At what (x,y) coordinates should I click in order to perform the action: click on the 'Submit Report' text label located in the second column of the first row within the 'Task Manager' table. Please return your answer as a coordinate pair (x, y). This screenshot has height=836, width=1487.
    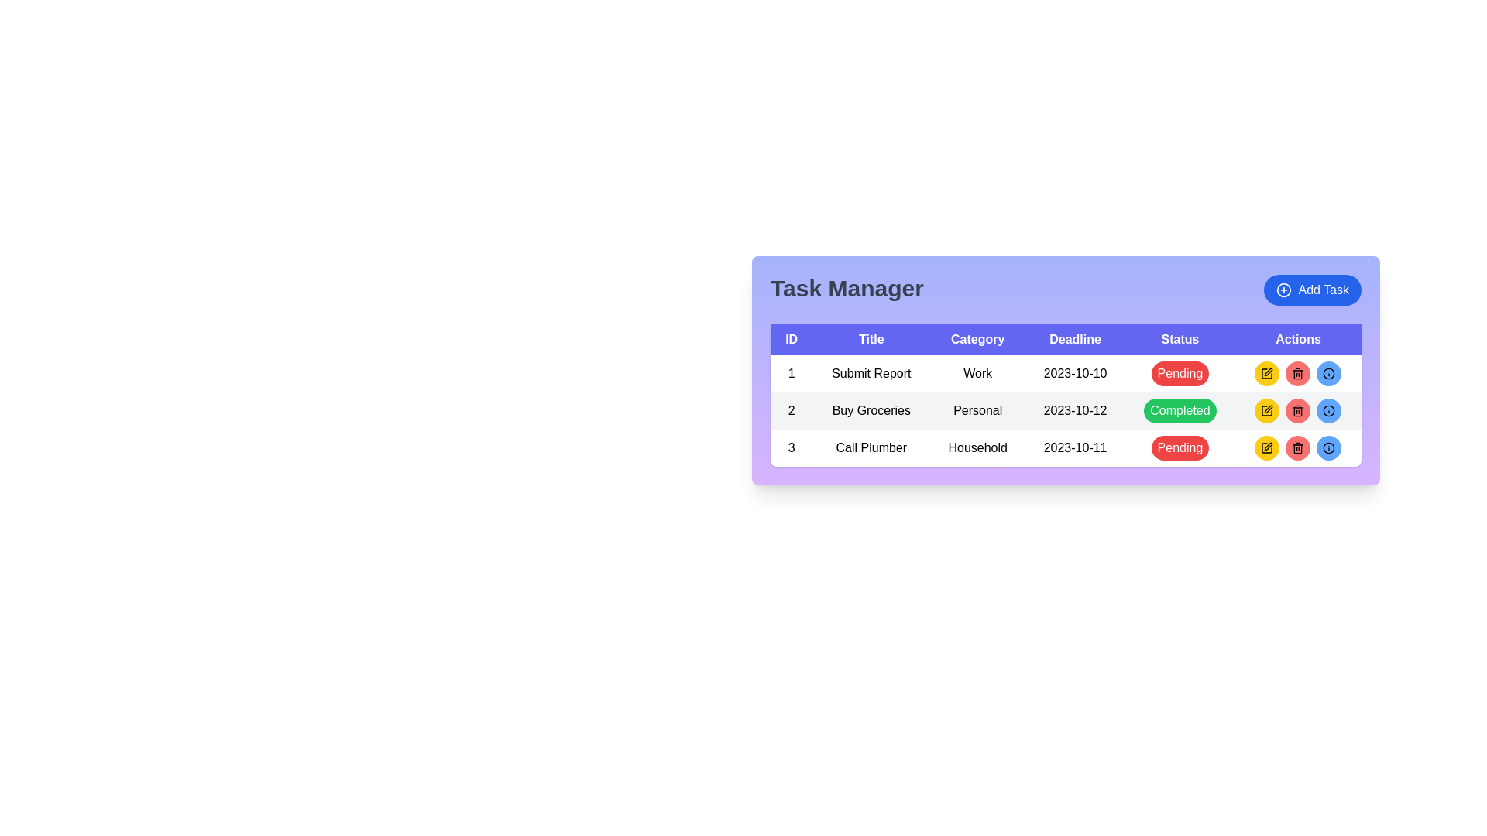
    Looking at the image, I should click on (871, 373).